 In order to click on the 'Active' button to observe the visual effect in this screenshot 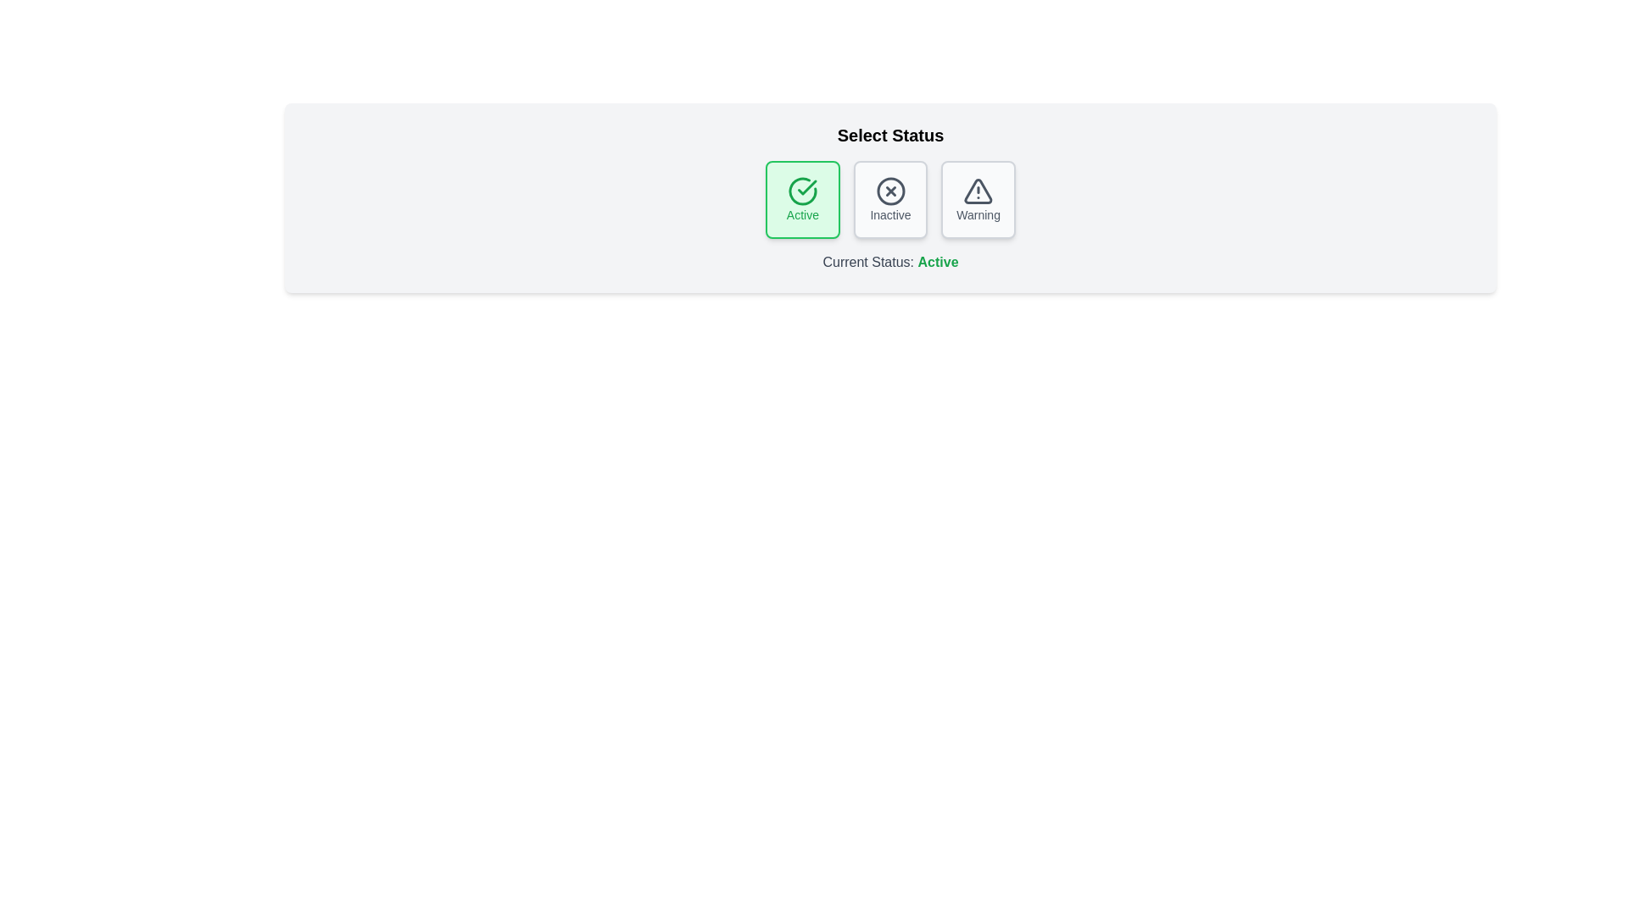, I will do `click(801, 198)`.